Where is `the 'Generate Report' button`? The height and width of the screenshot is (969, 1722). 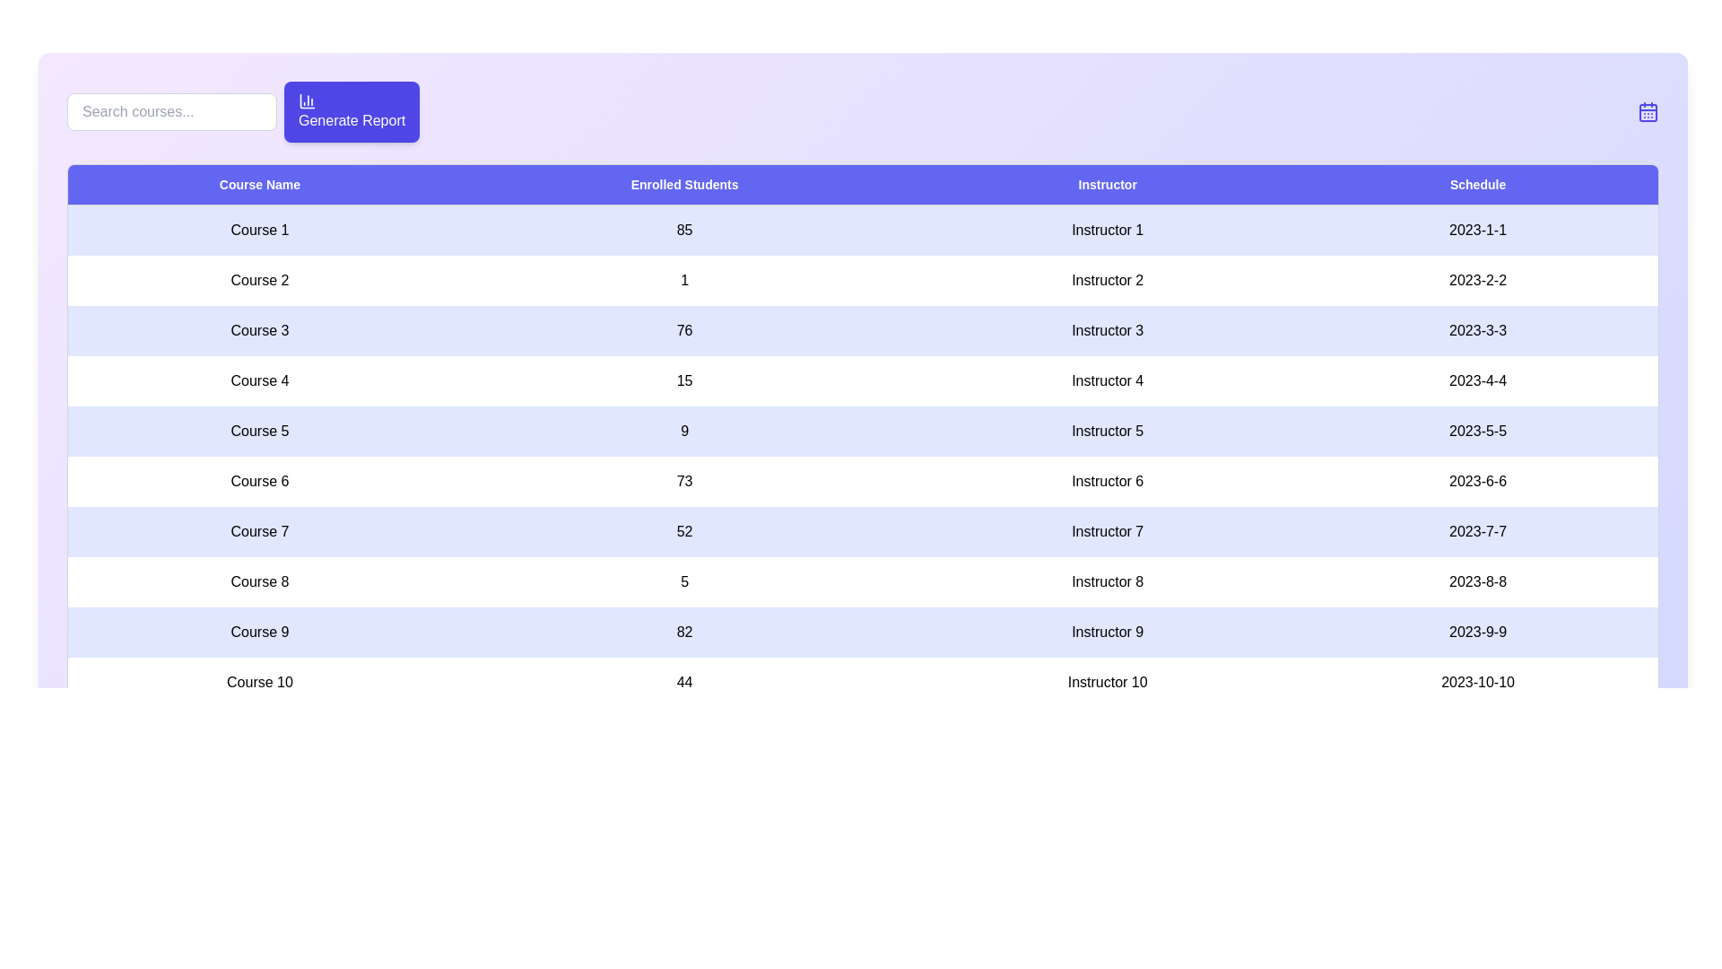 the 'Generate Report' button is located at coordinates (352, 111).